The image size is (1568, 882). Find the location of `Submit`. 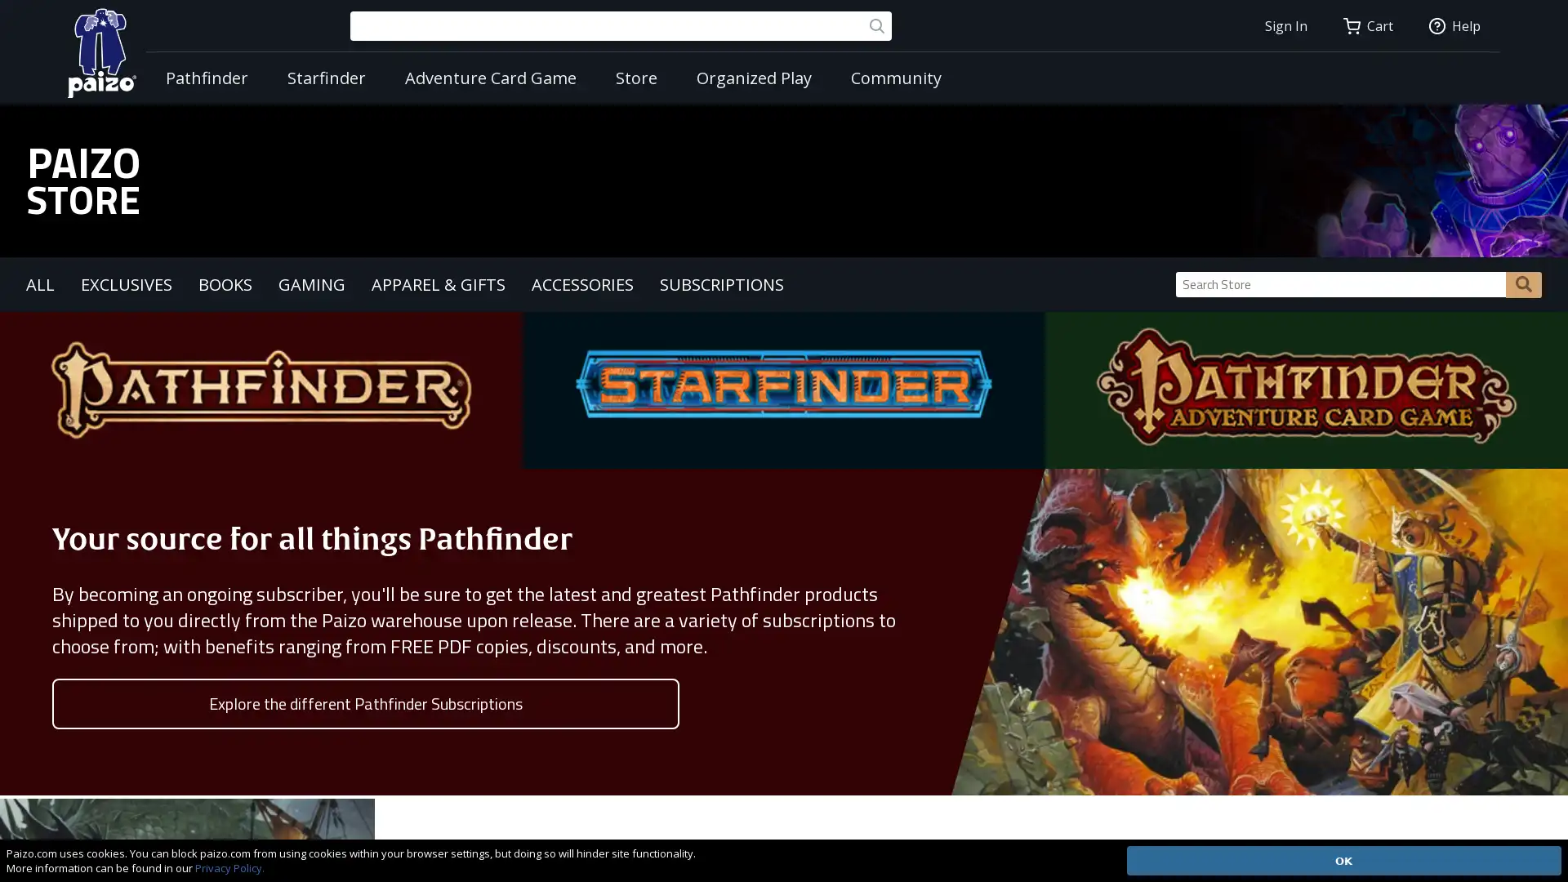

Submit is located at coordinates (876, 25).